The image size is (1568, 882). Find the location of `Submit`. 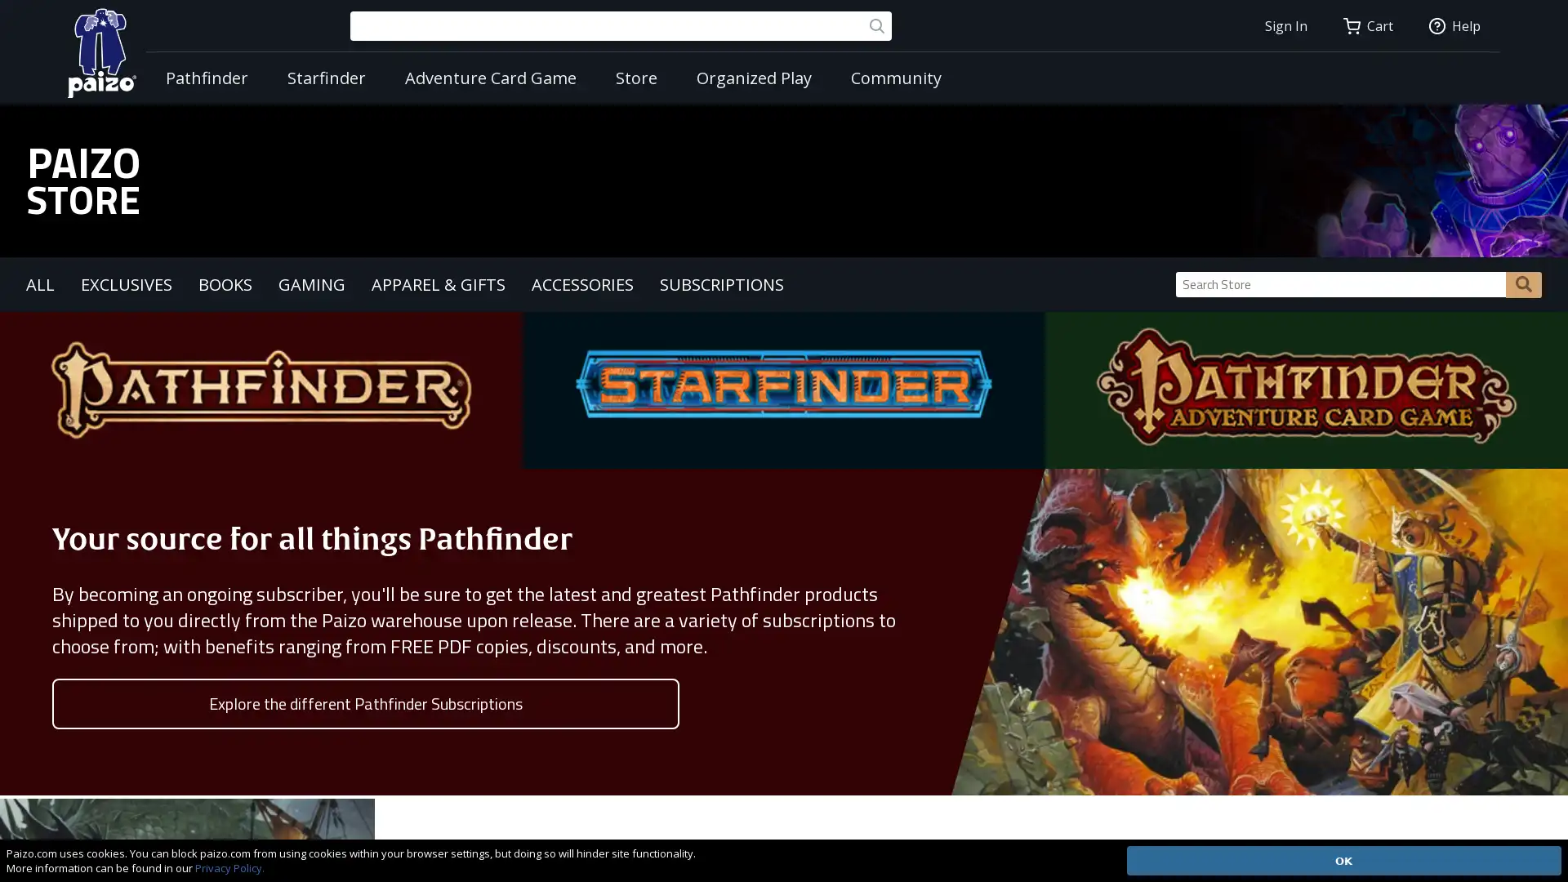

Submit is located at coordinates (876, 25).